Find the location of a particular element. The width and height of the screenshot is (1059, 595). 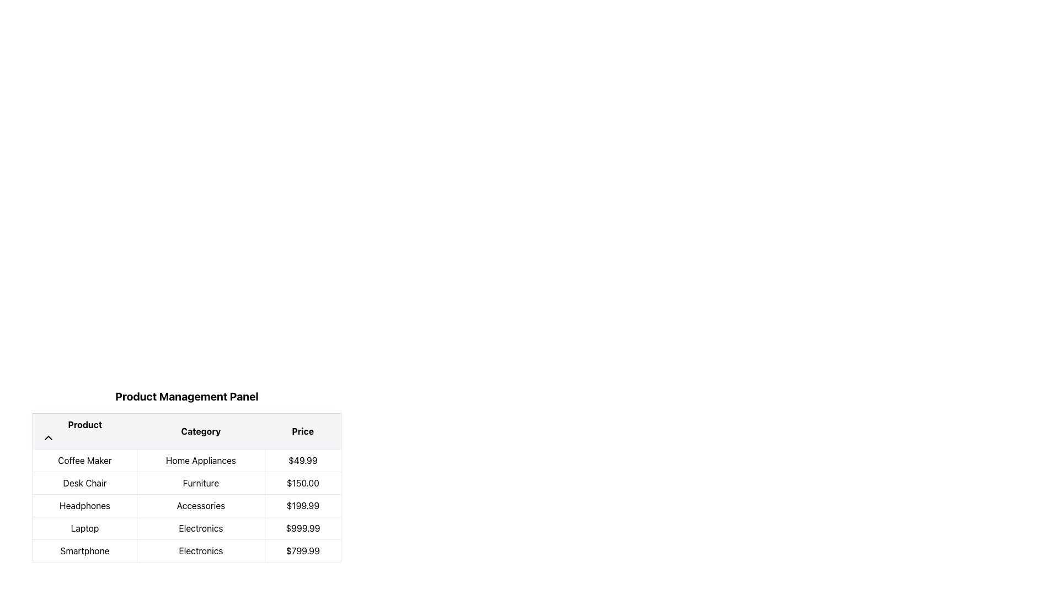

the category text element in the middle cell of the third row of the product management table, which is adjacent to 'Headphones' on the left and '$199.99' on the right is located at coordinates (201, 506).